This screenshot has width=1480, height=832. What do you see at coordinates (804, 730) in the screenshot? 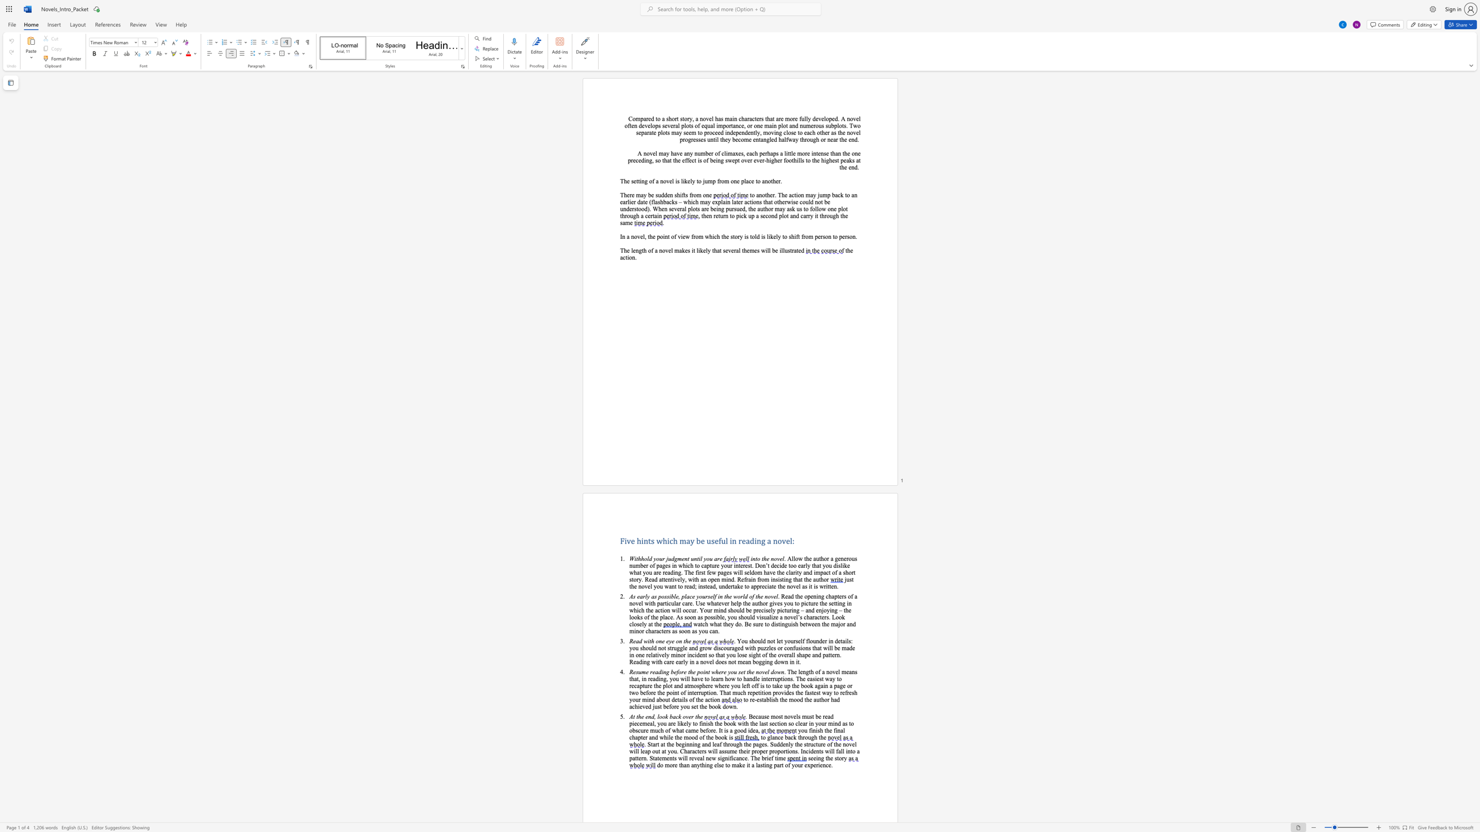
I see `the subset text "u fini" within the text "you finish the"` at bounding box center [804, 730].